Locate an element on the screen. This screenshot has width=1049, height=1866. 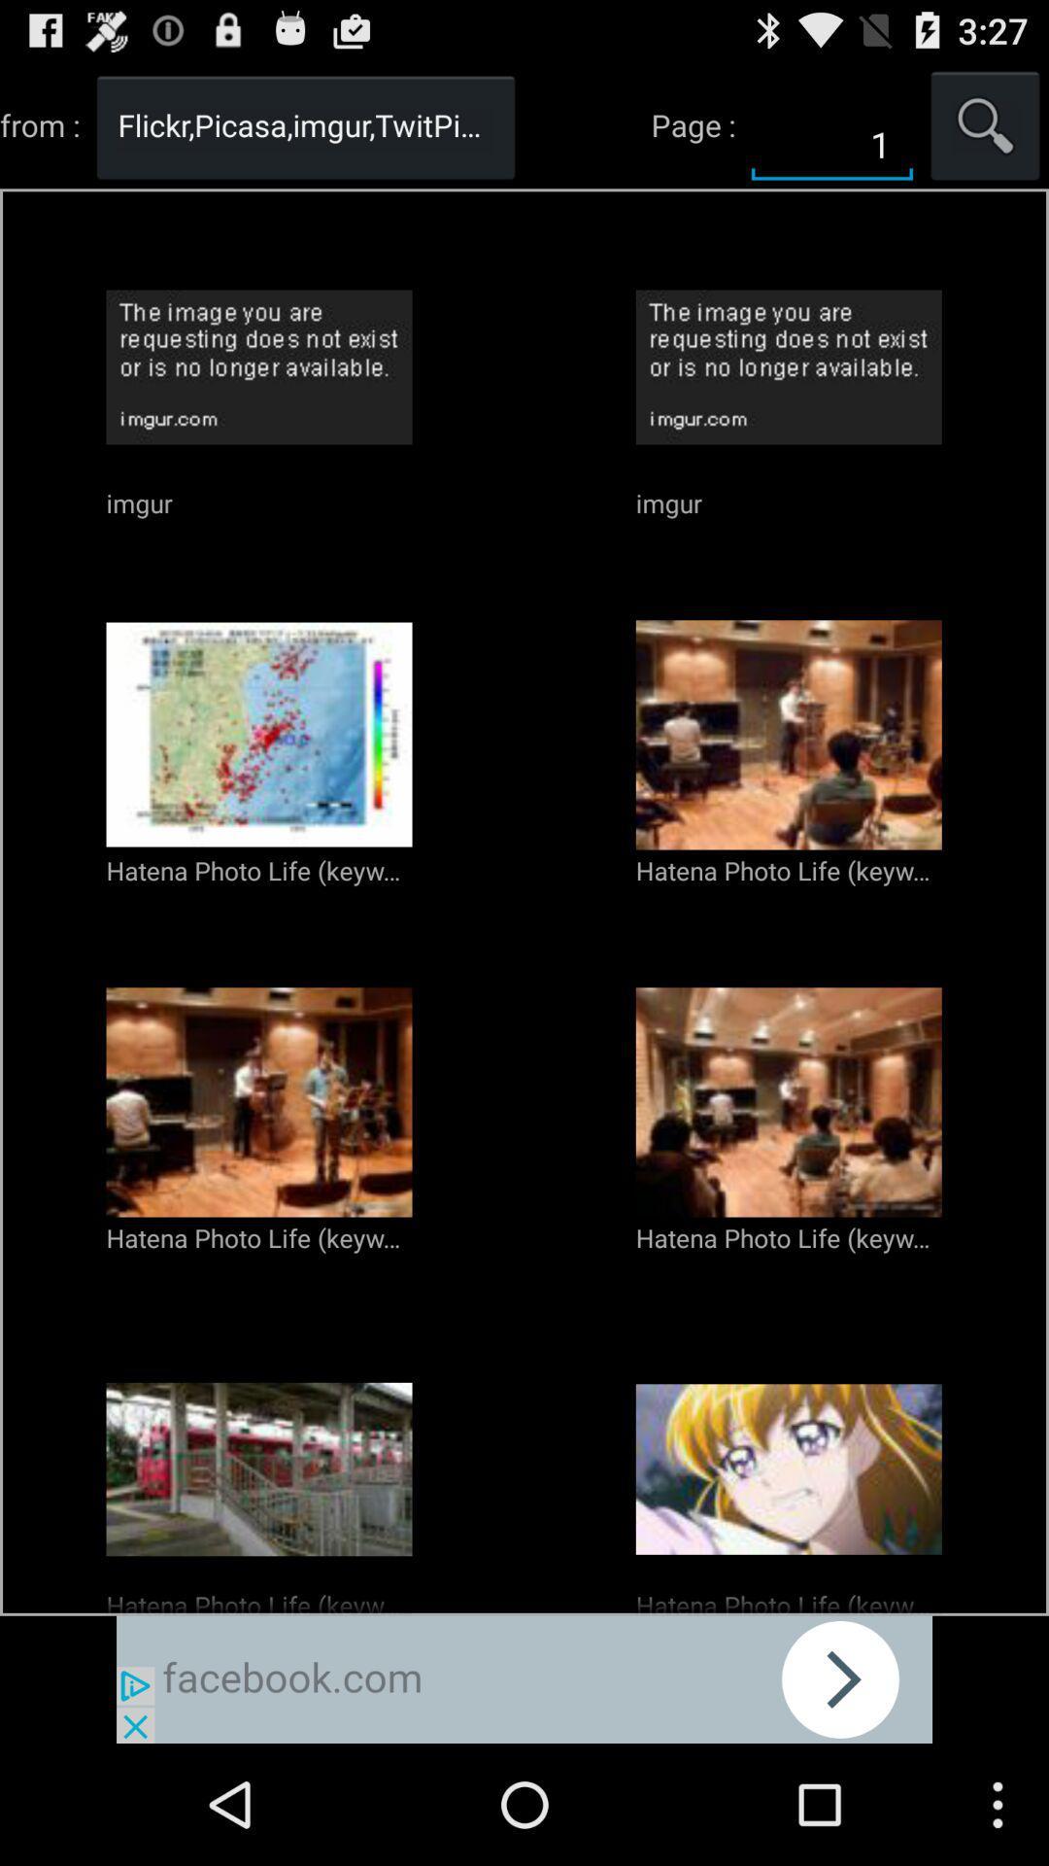
the search icon is located at coordinates (985, 132).